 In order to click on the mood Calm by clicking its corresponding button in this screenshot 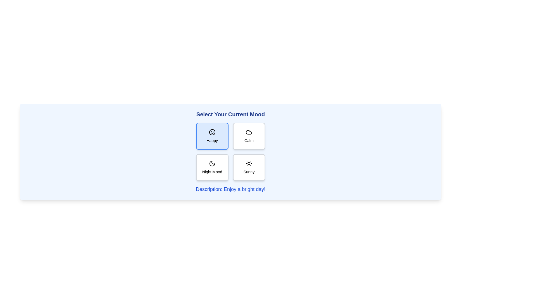, I will do `click(249, 136)`.